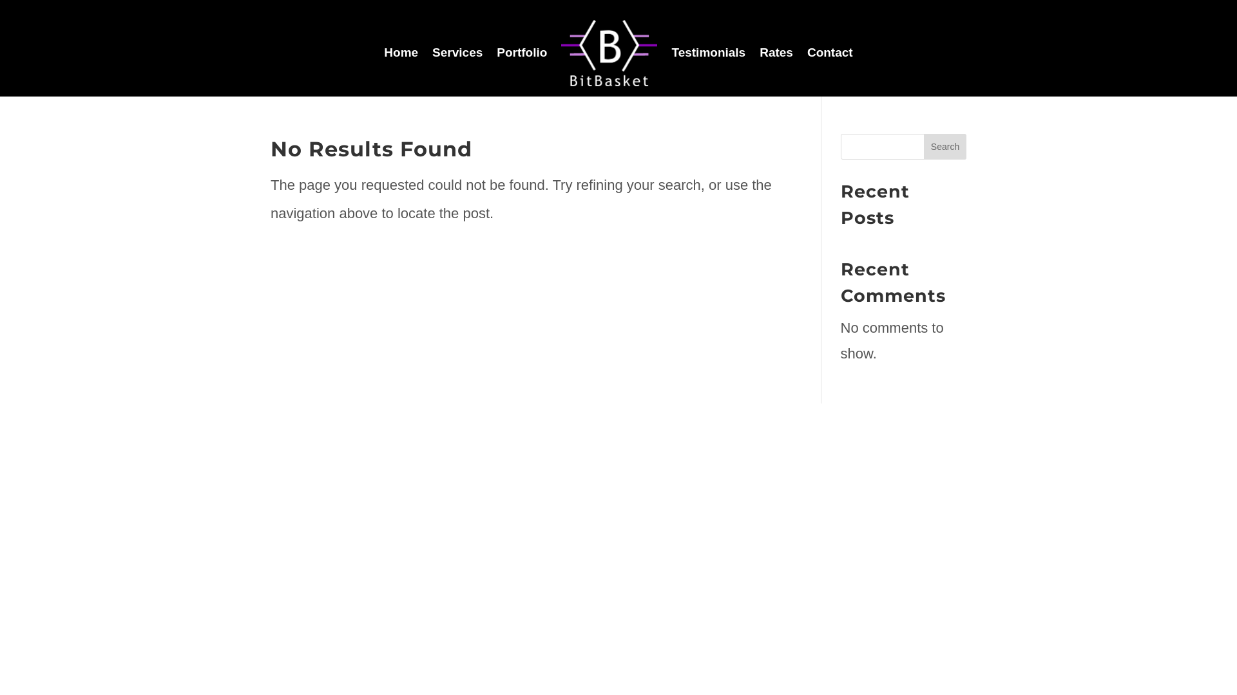 The height and width of the screenshot is (695, 1237). Describe the element at coordinates (945, 145) in the screenshot. I see `'Search'` at that location.